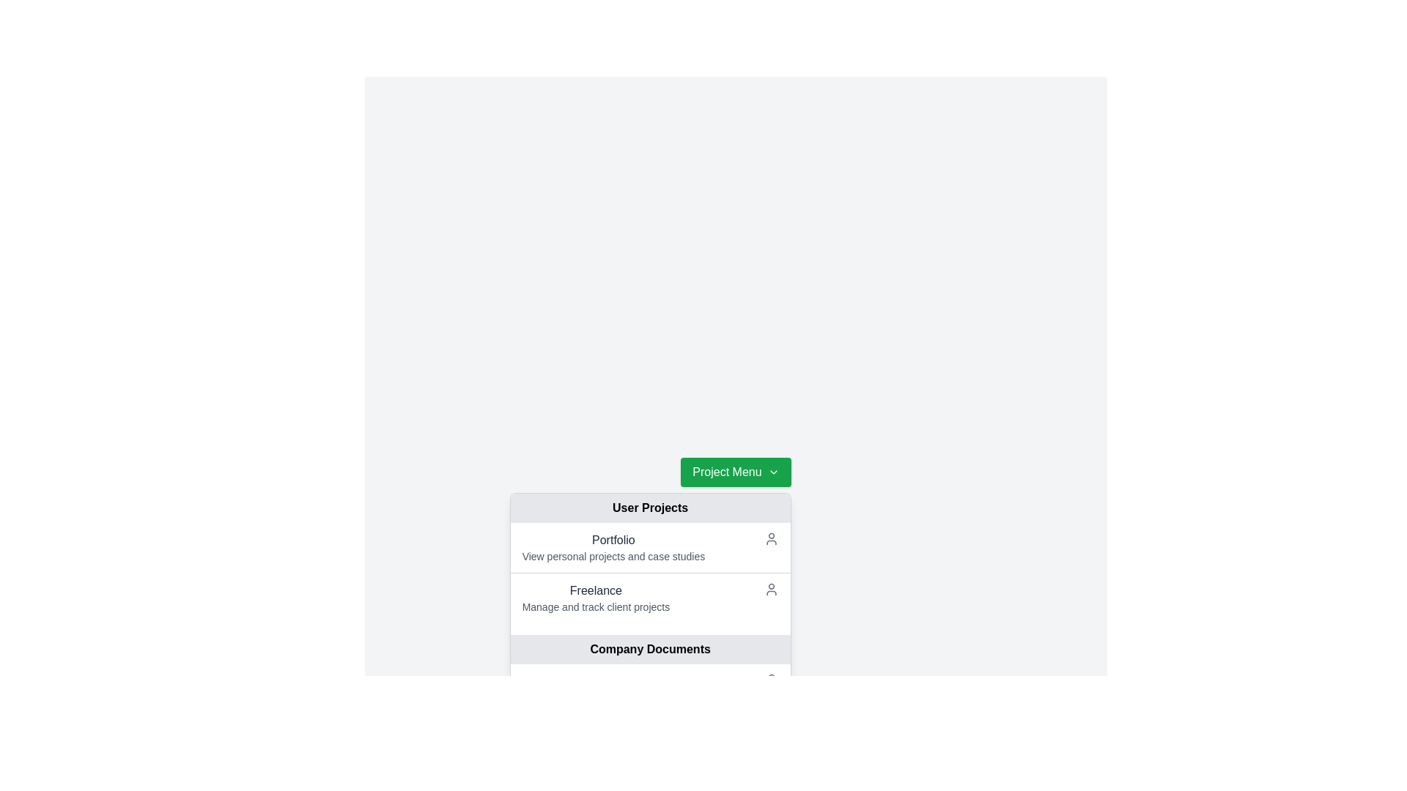  Describe the element at coordinates (613, 540) in the screenshot. I see `the text label that serves as the title for the menu item in the 'User Projects' group to interact with this item` at that location.